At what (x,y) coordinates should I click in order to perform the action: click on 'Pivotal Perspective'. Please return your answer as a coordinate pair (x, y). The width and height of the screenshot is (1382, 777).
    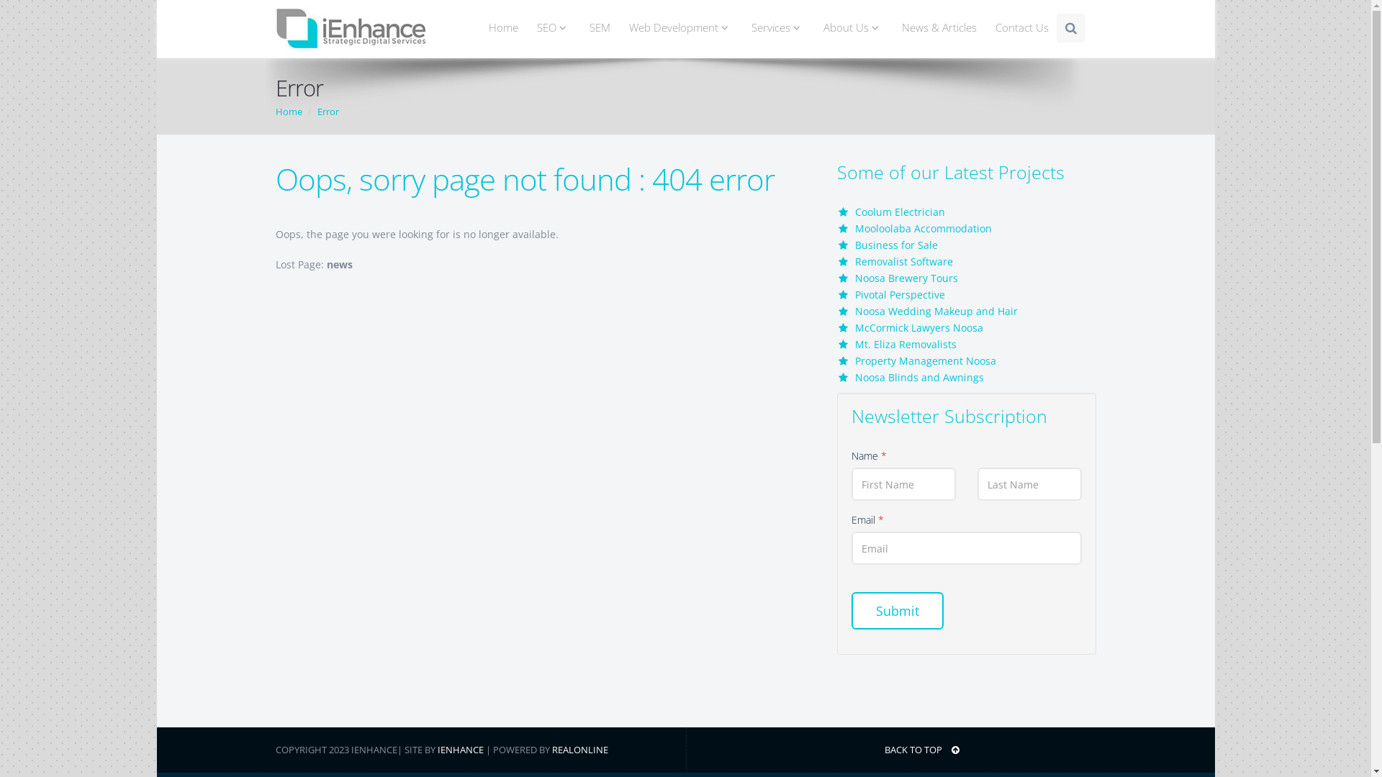
    Looking at the image, I should click on (899, 294).